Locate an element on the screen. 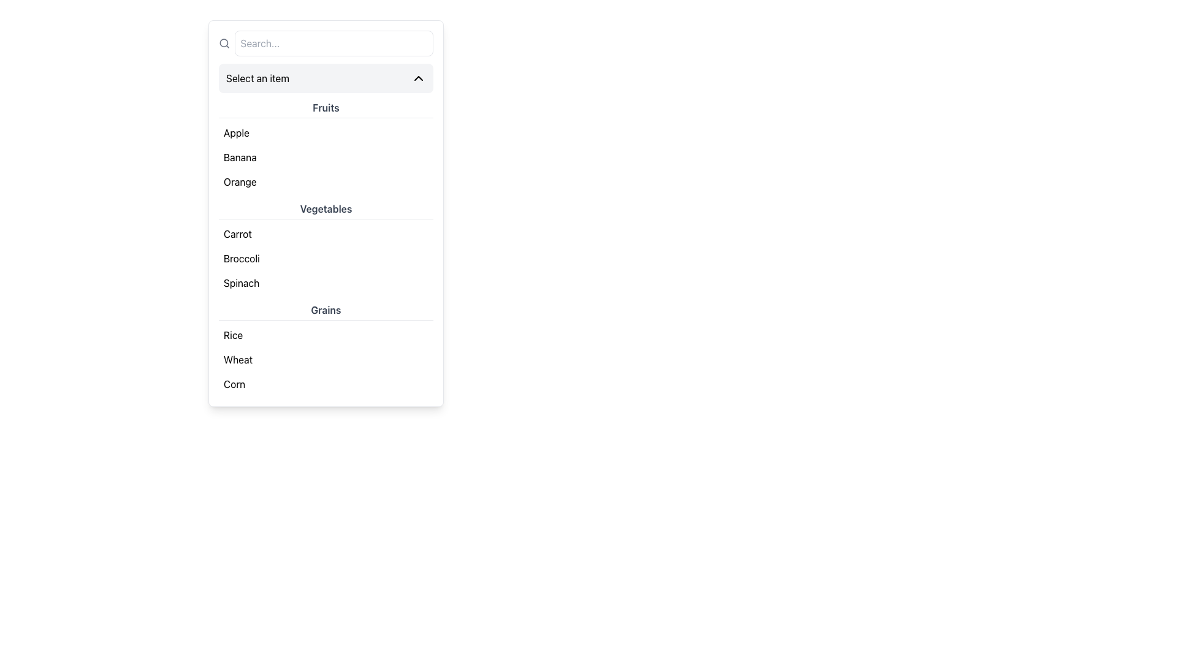  the 'Fruits' text label, which is styled in bold gray font and serves as a header for a sublist in a dropdown menu is located at coordinates (326, 108).